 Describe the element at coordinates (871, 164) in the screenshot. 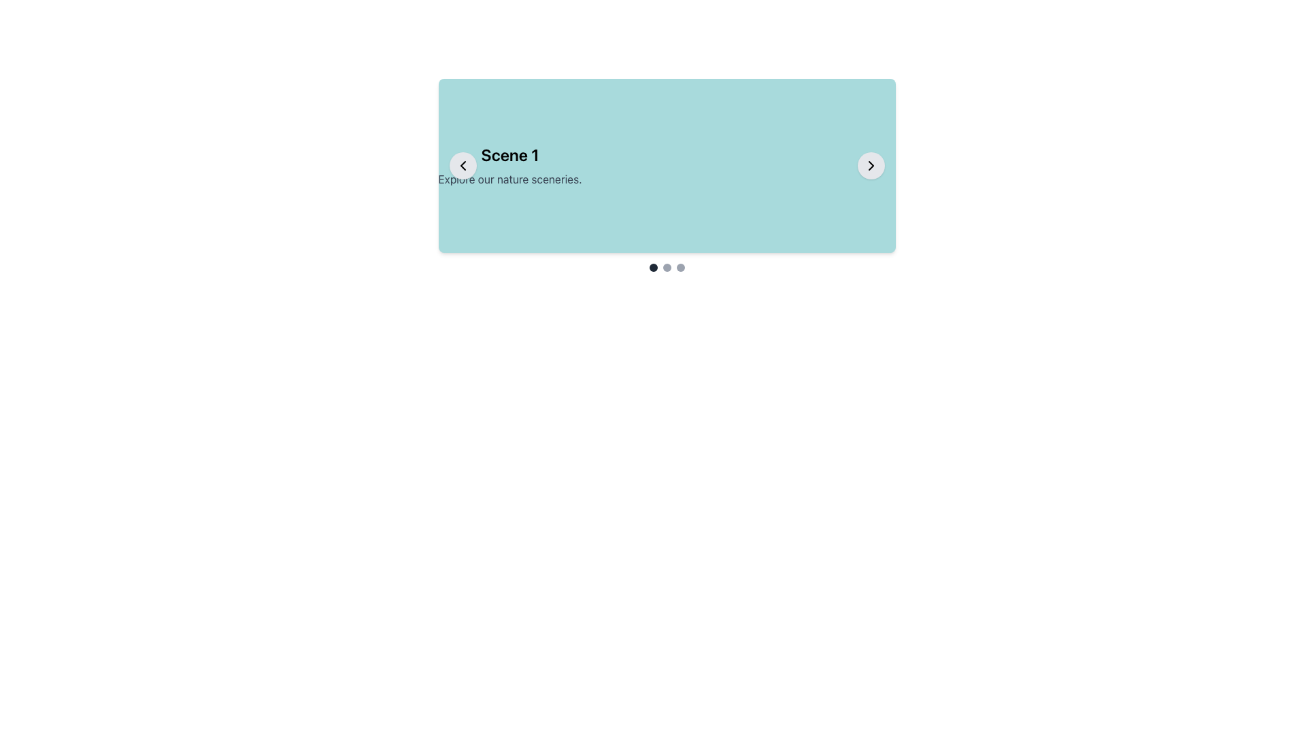

I see `the rightward chevron icon within the rounded button located at the far right of the blue card component` at that location.